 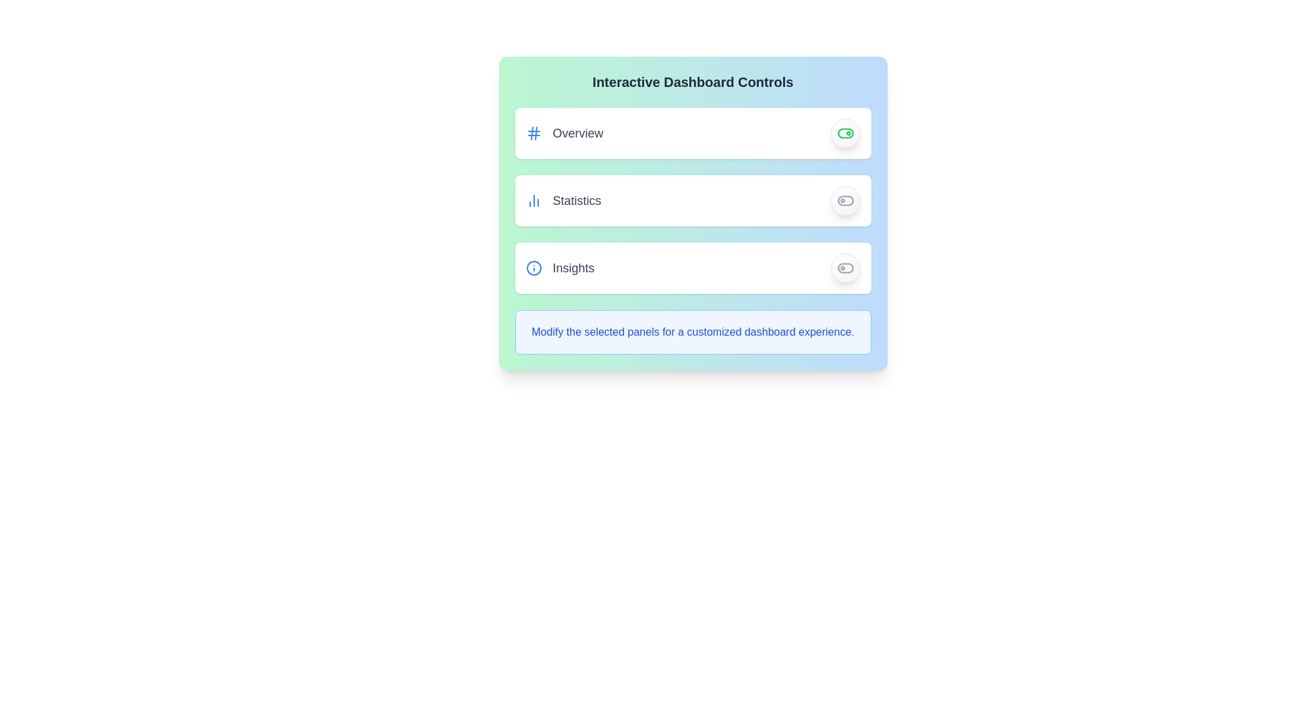 What do you see at coordinates (693, 82) in the screenshot?
I see `the text heading displaying 'Interactive Dashboard Controls', which is bold and centered at the top of the panel containing dashboard options` at bounding box center [693, 82].